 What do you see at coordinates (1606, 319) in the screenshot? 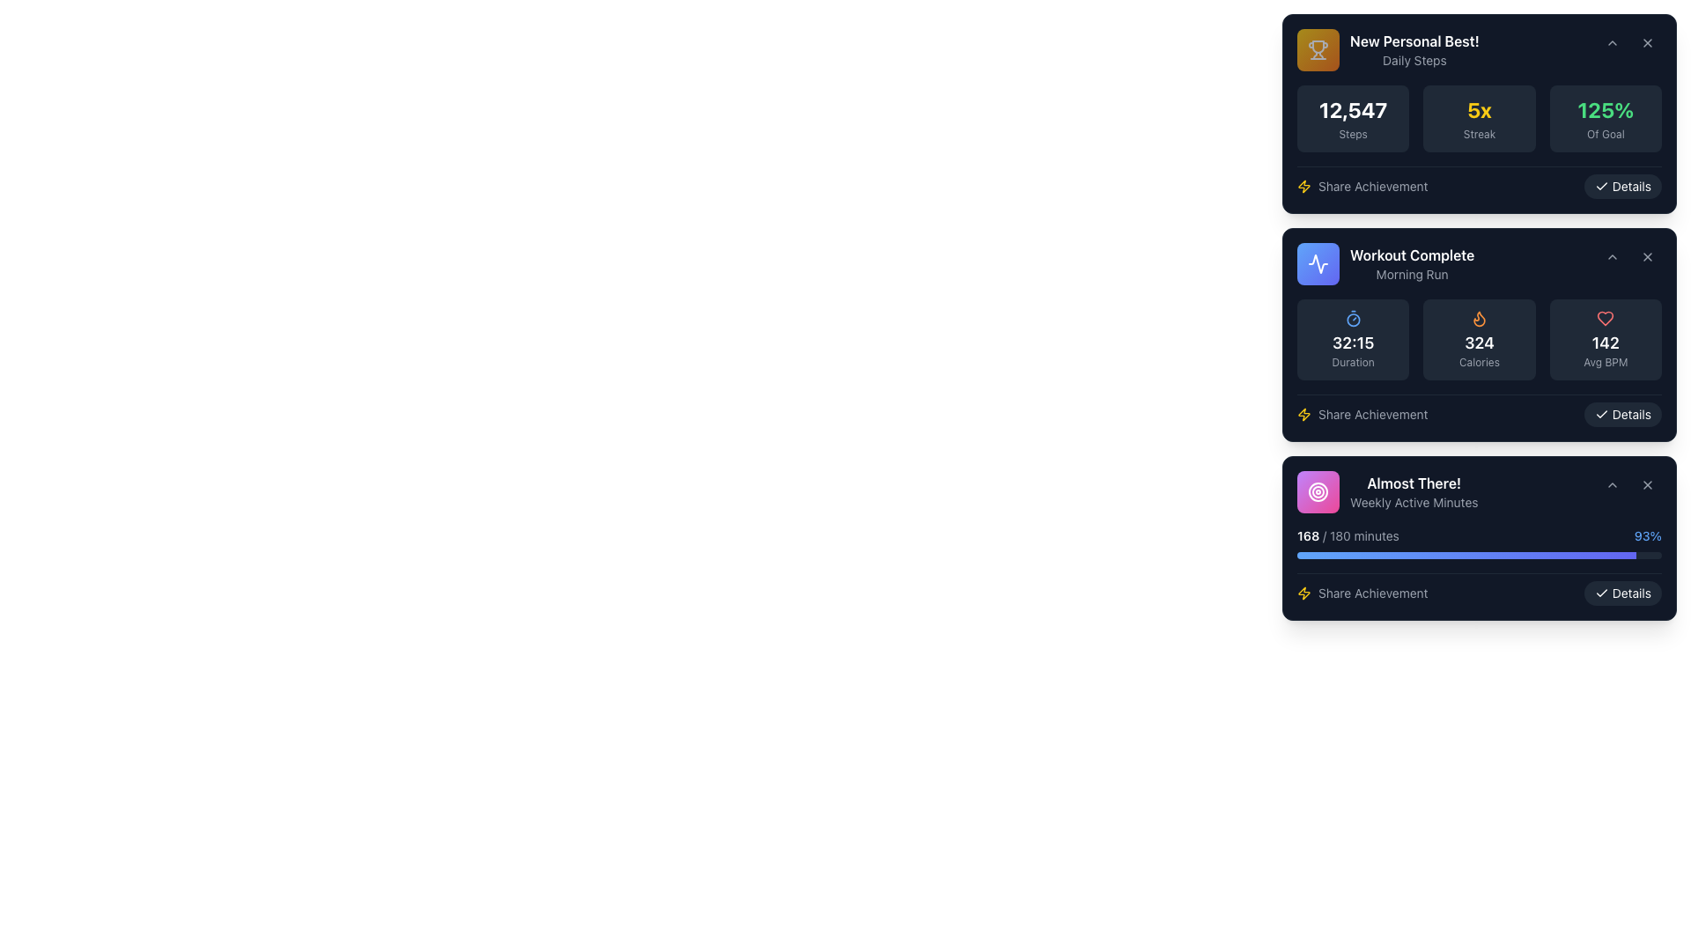
I see `the heart icon representing the 'Average BPM' metric located in the 'Workout Complete: Morning Run' card, positioned to the left of the '142 Avg BPM' text` at bounding box center [1606, 319].